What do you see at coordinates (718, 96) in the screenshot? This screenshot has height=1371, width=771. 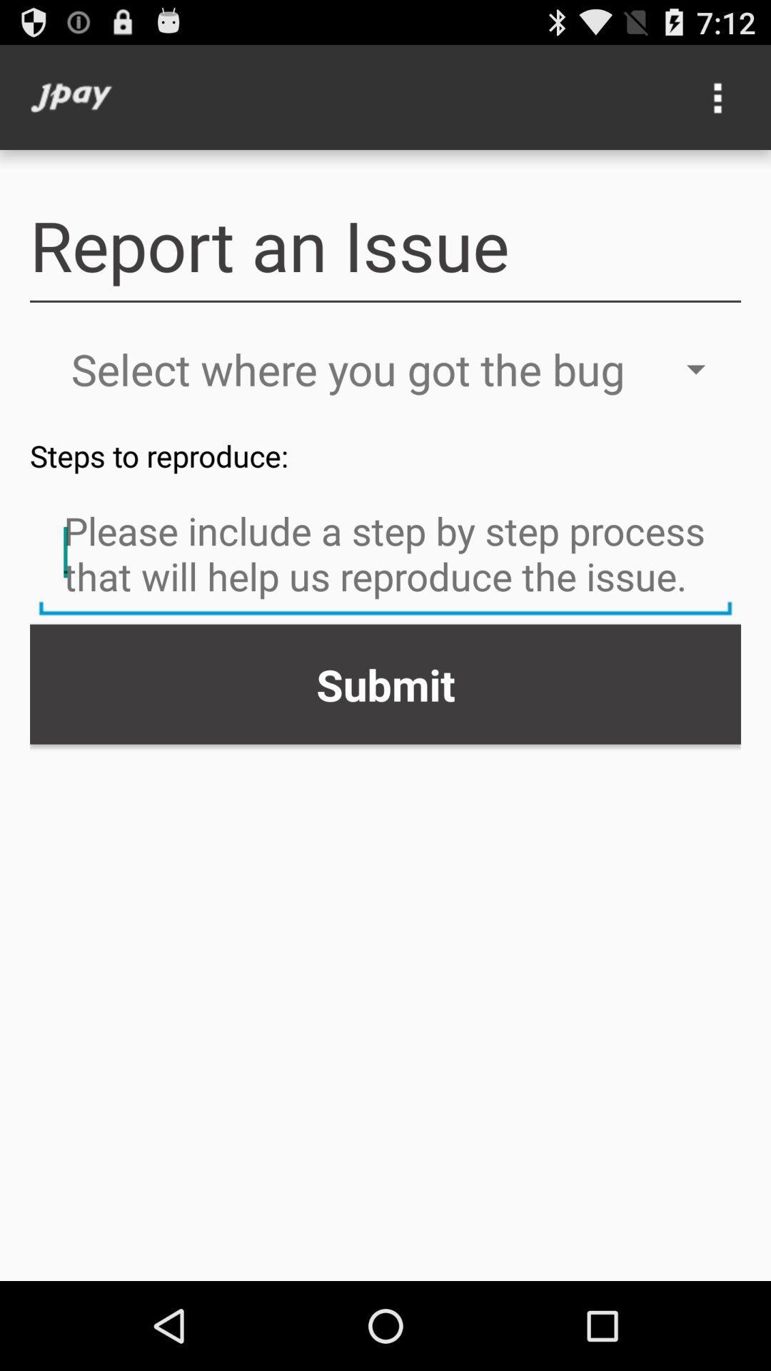 I see `settings` at bounding box center [718, 96].